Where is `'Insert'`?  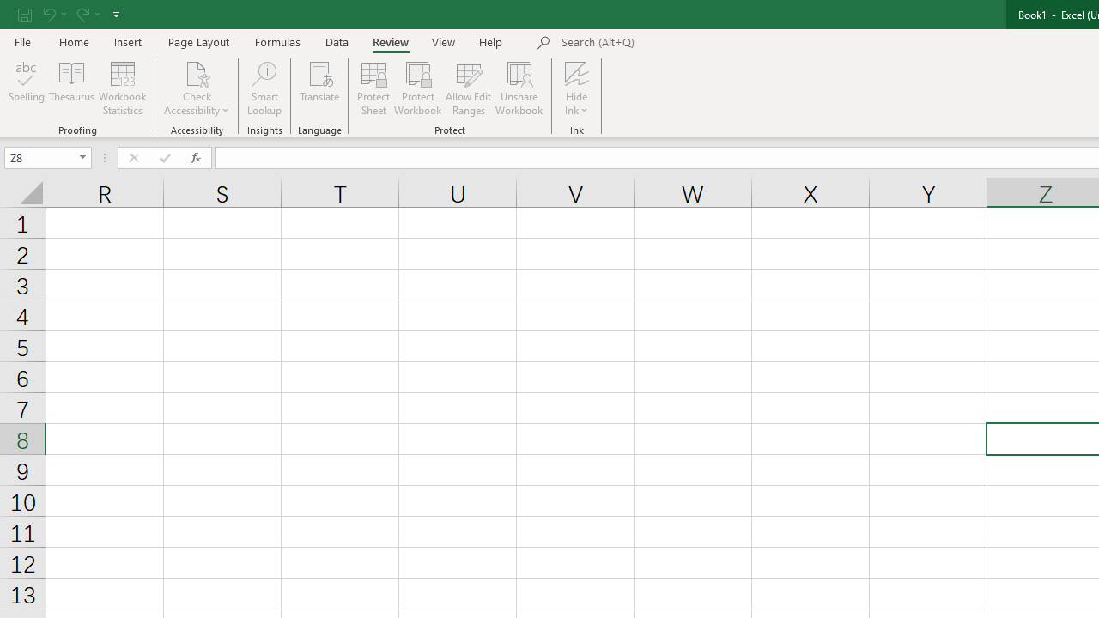
'Insert' is located at coordinates (127, 41).